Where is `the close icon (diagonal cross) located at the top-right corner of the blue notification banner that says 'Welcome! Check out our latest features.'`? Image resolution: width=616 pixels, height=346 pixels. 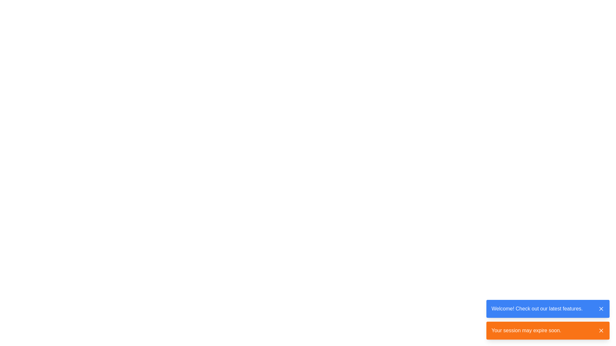 the close icon (diagonal cross) located at the top-right corner of the blue notification banner that says 'Welcome! Check out our latest features.' is located at coordinates (601, 309).